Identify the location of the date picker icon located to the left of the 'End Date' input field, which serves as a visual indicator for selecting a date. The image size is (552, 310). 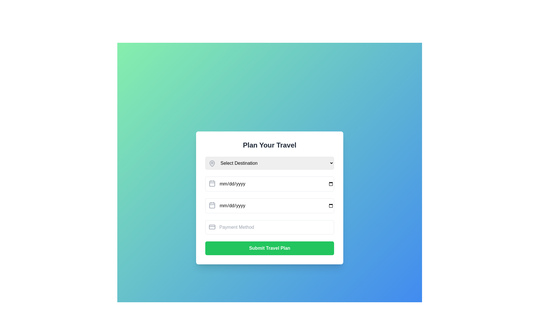
(212, 204).